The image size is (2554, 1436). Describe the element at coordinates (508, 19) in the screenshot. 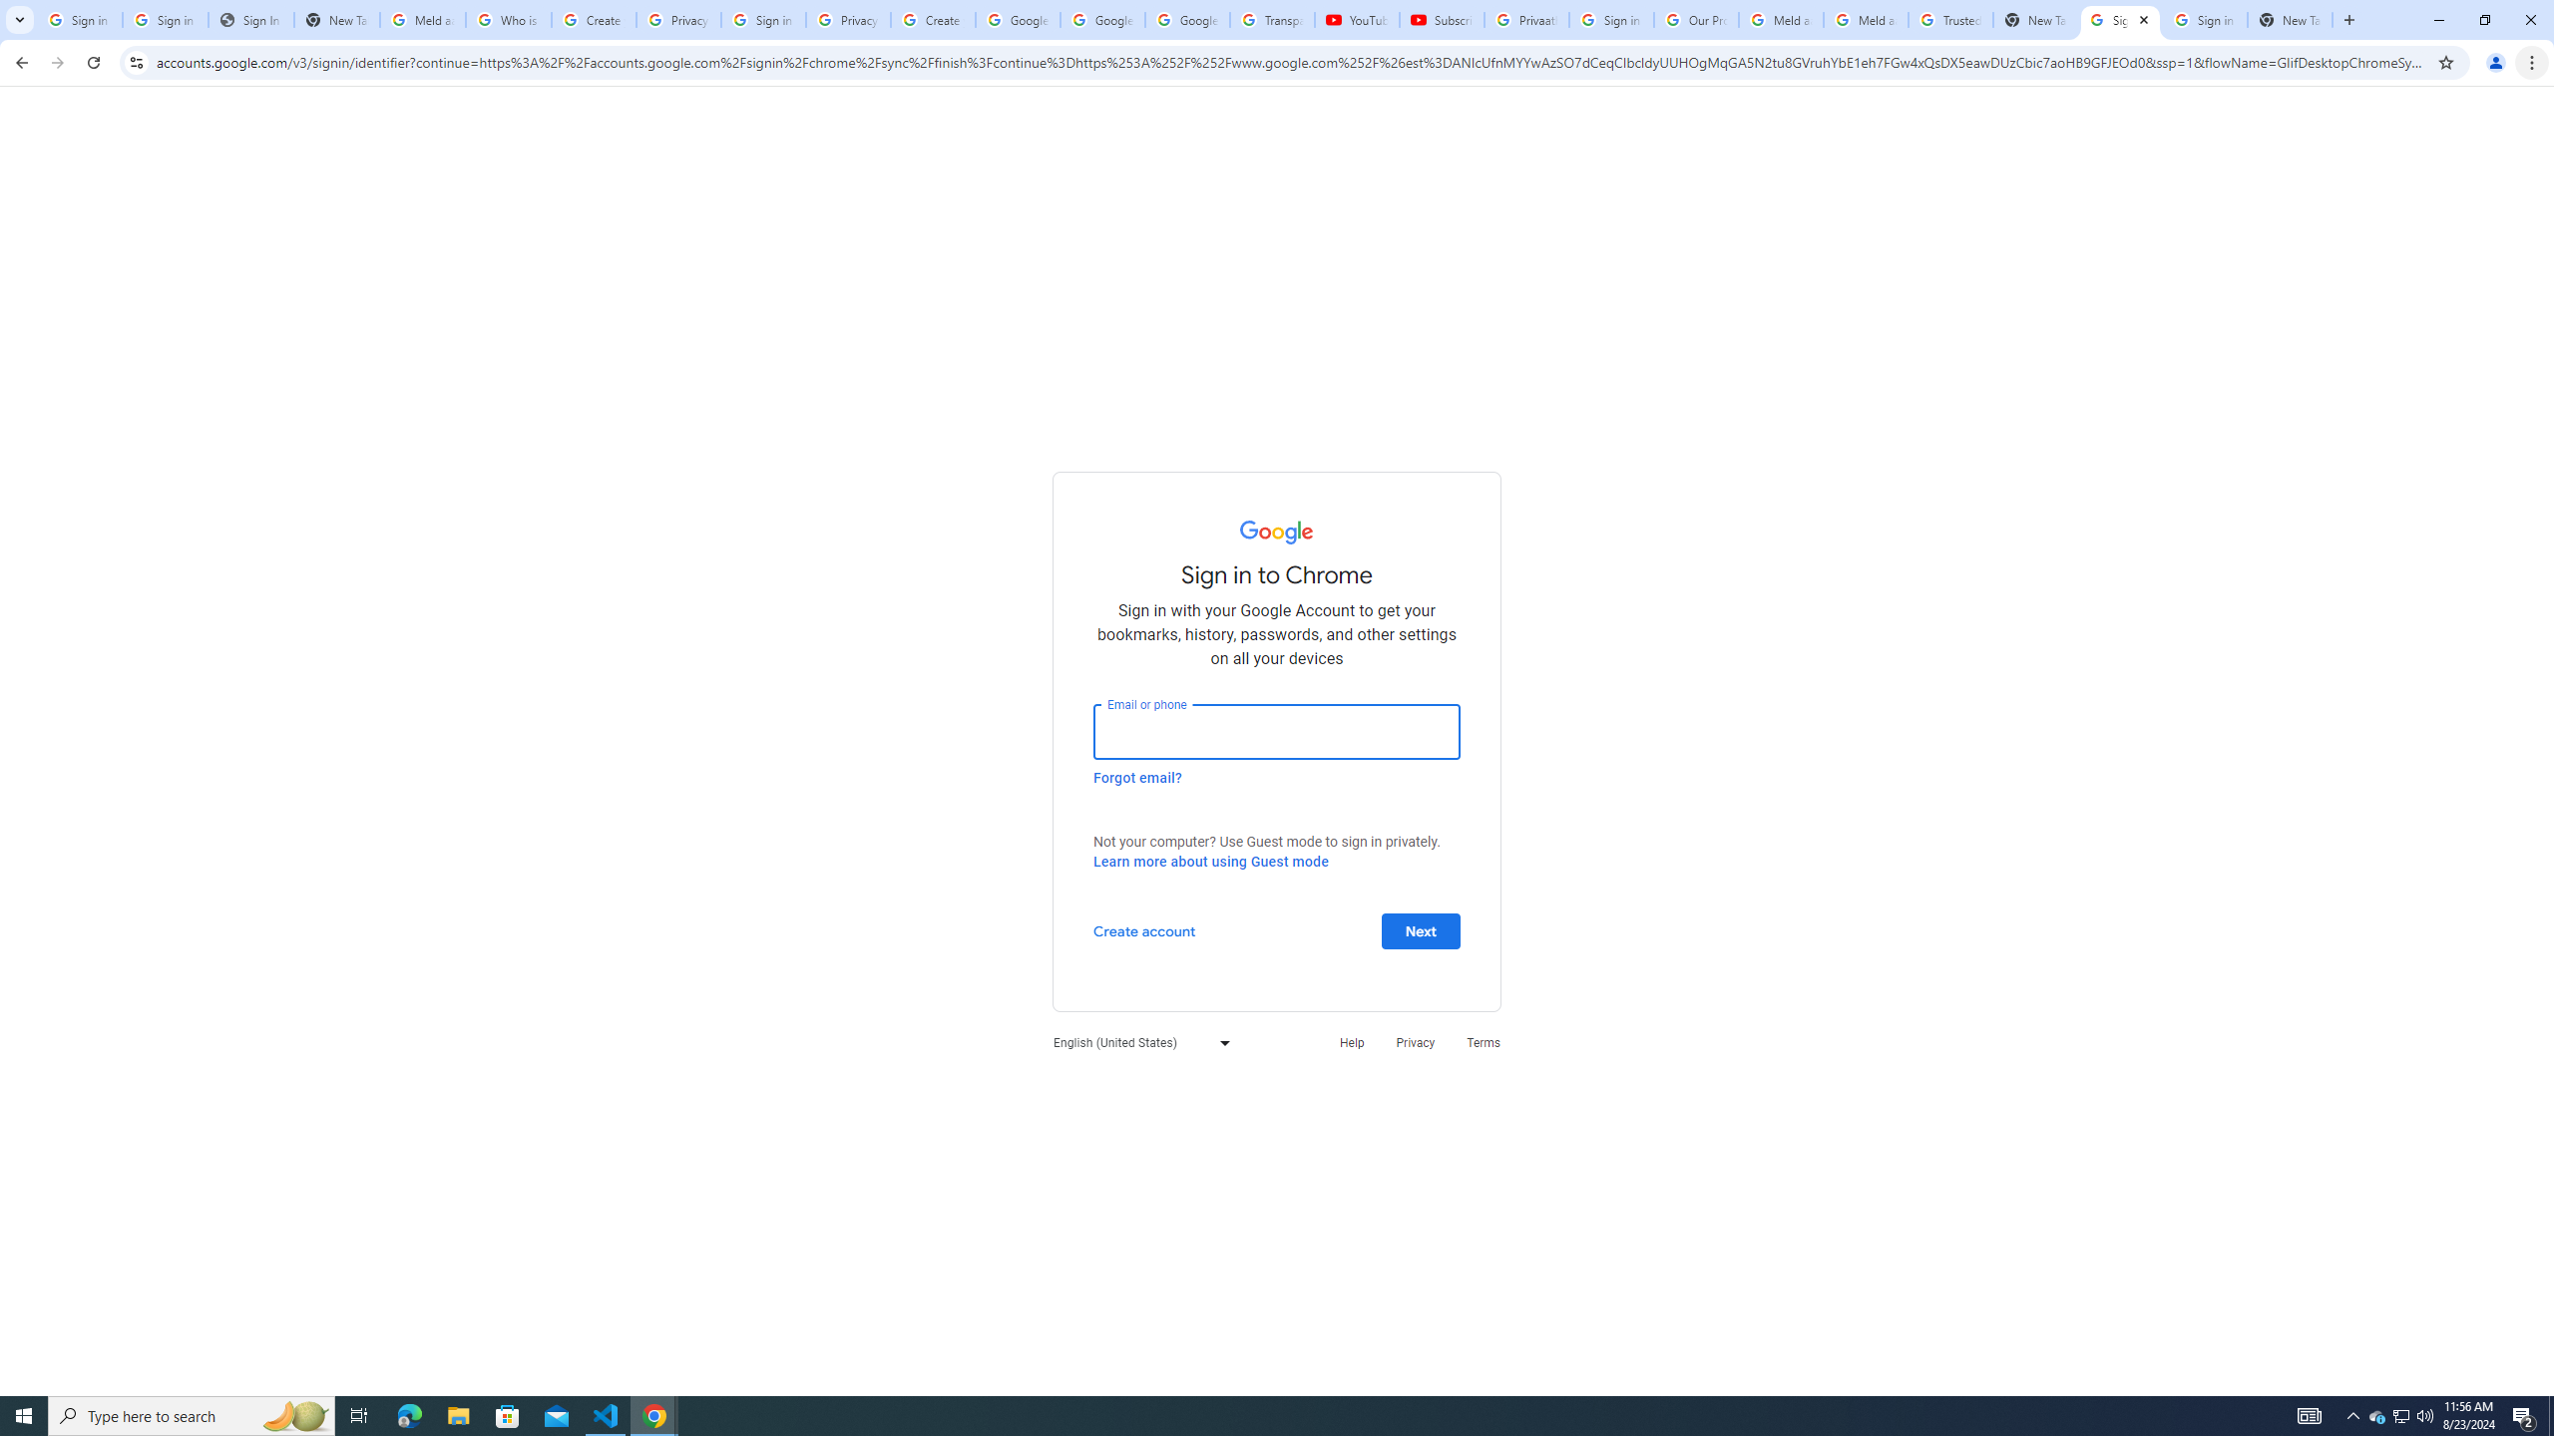

I see `'Who is my administrator? - Google Account Help'` at that location.